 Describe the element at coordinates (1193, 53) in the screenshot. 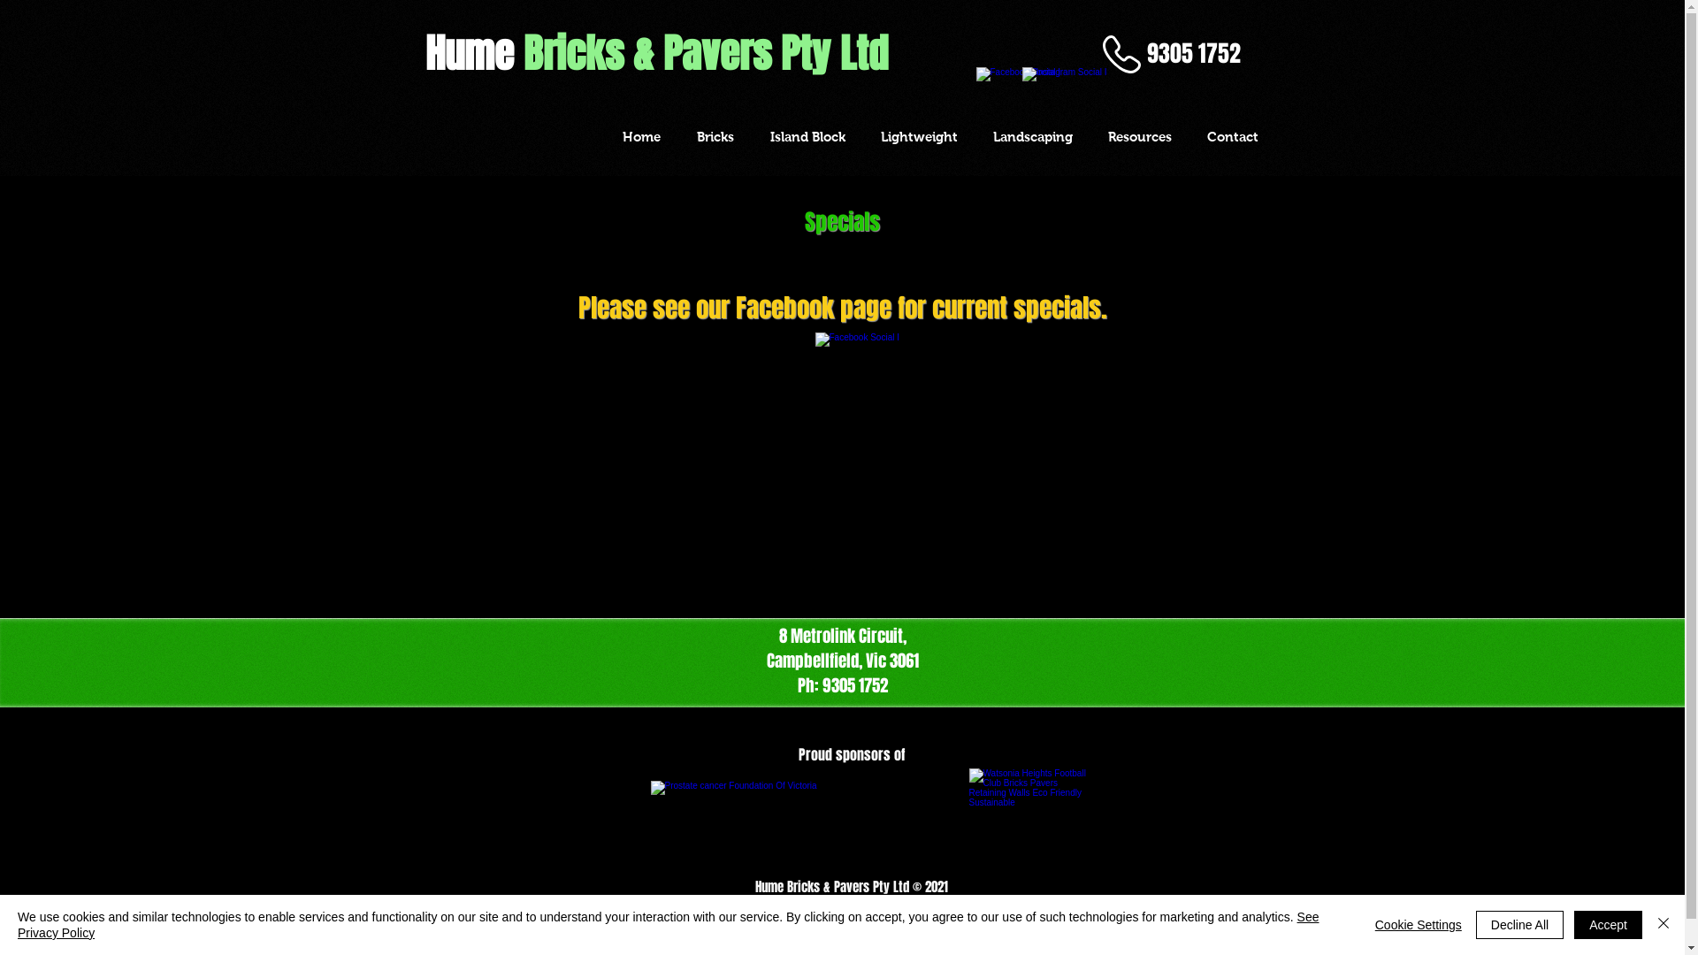

I see `'9305 1752'` at that location.